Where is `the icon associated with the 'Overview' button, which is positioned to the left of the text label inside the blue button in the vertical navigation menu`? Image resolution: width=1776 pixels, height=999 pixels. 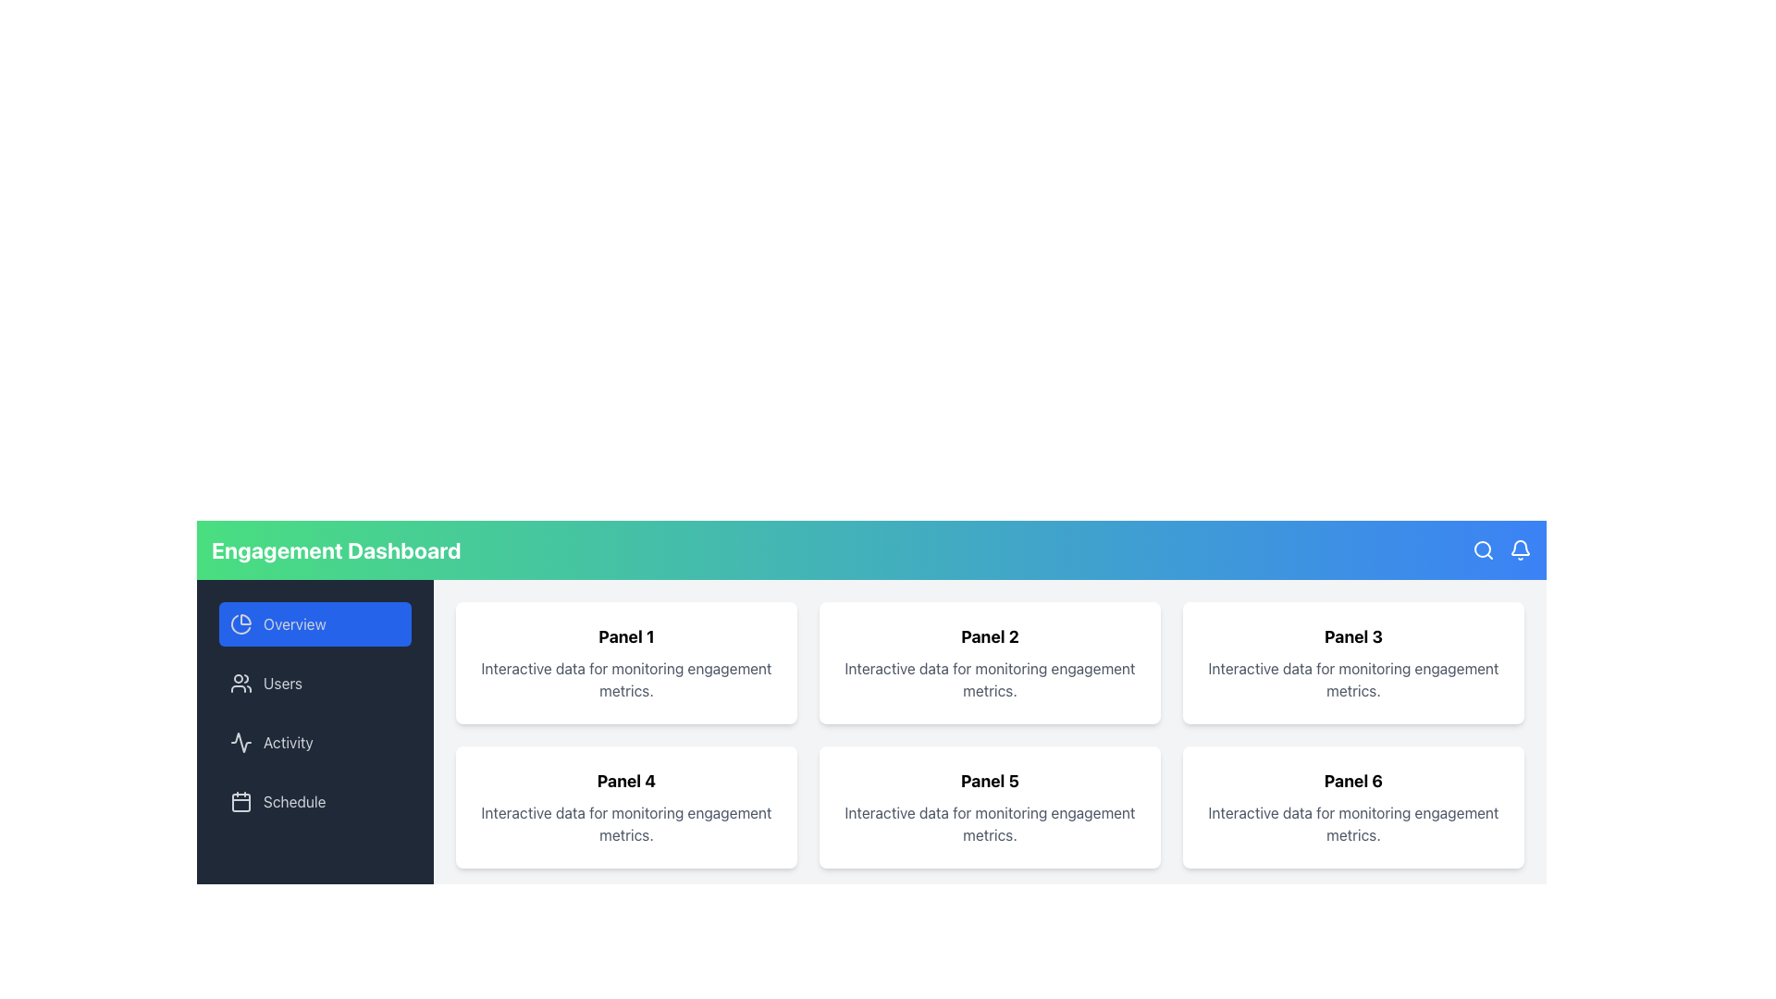 the icon associated with the 'Overview' button, which is positioned to the left of the text label inside the blue button in the vertical navigation menu is located at coordinates (240, 624).